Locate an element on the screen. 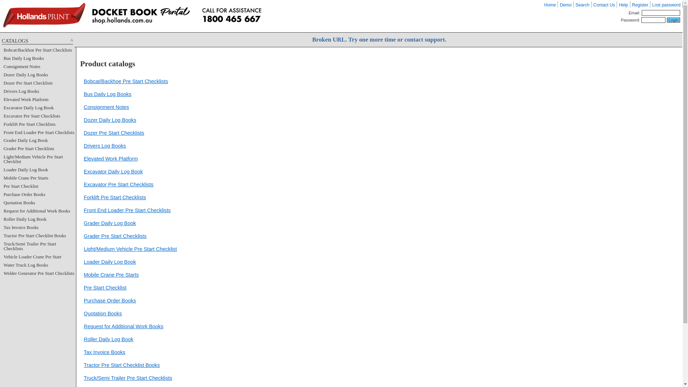 The image size is (688, 387). 'Home' is located at coordinates (550, 5).